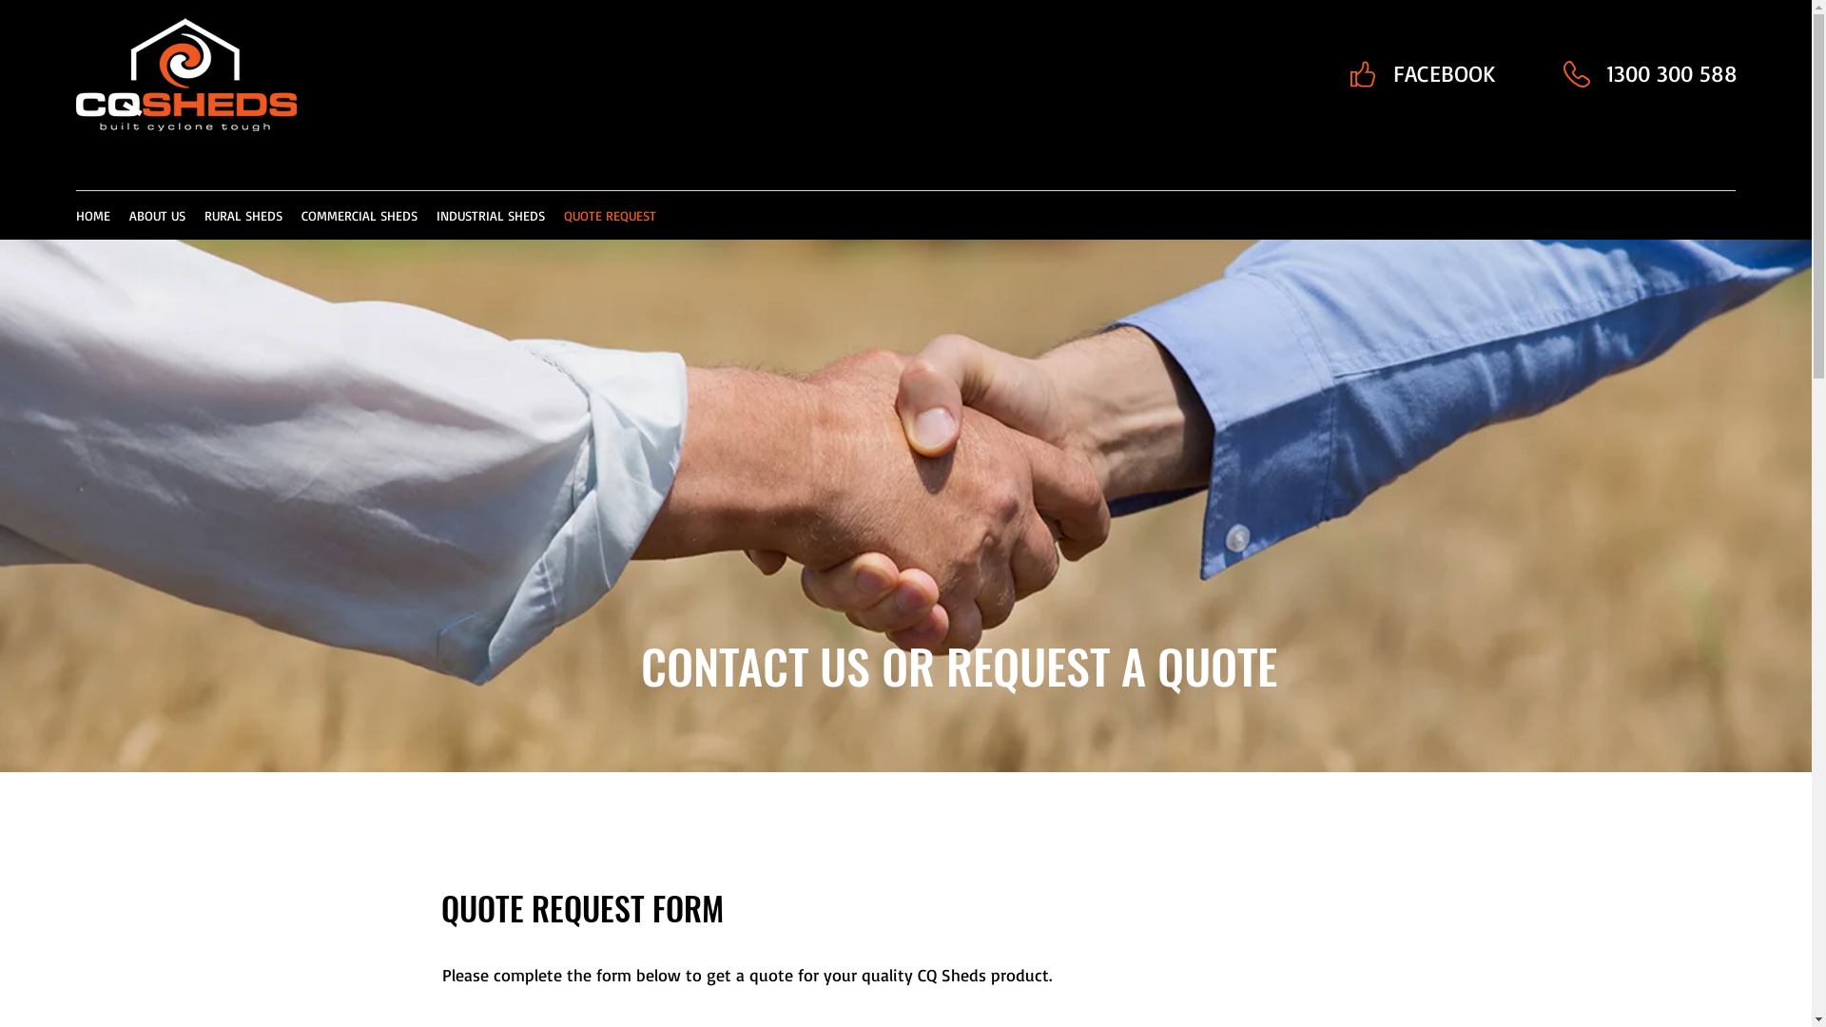  I want to click on 'INDUSTRIAL SHEDS', so click(490, 215).